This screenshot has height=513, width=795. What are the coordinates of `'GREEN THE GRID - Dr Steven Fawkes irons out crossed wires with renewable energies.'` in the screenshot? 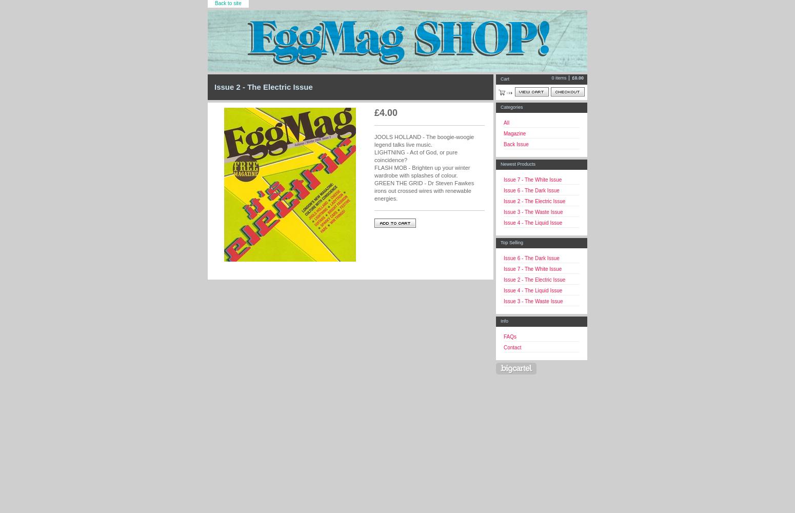 It's located at (423, 190).